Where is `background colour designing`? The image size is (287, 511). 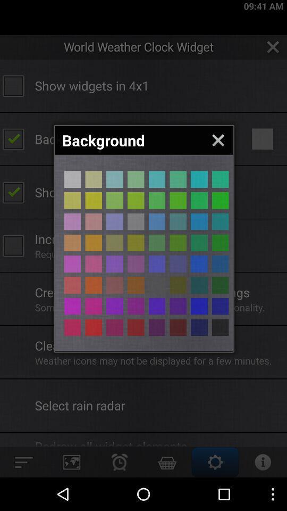
background colour designing is located at coordinates (178, 179).